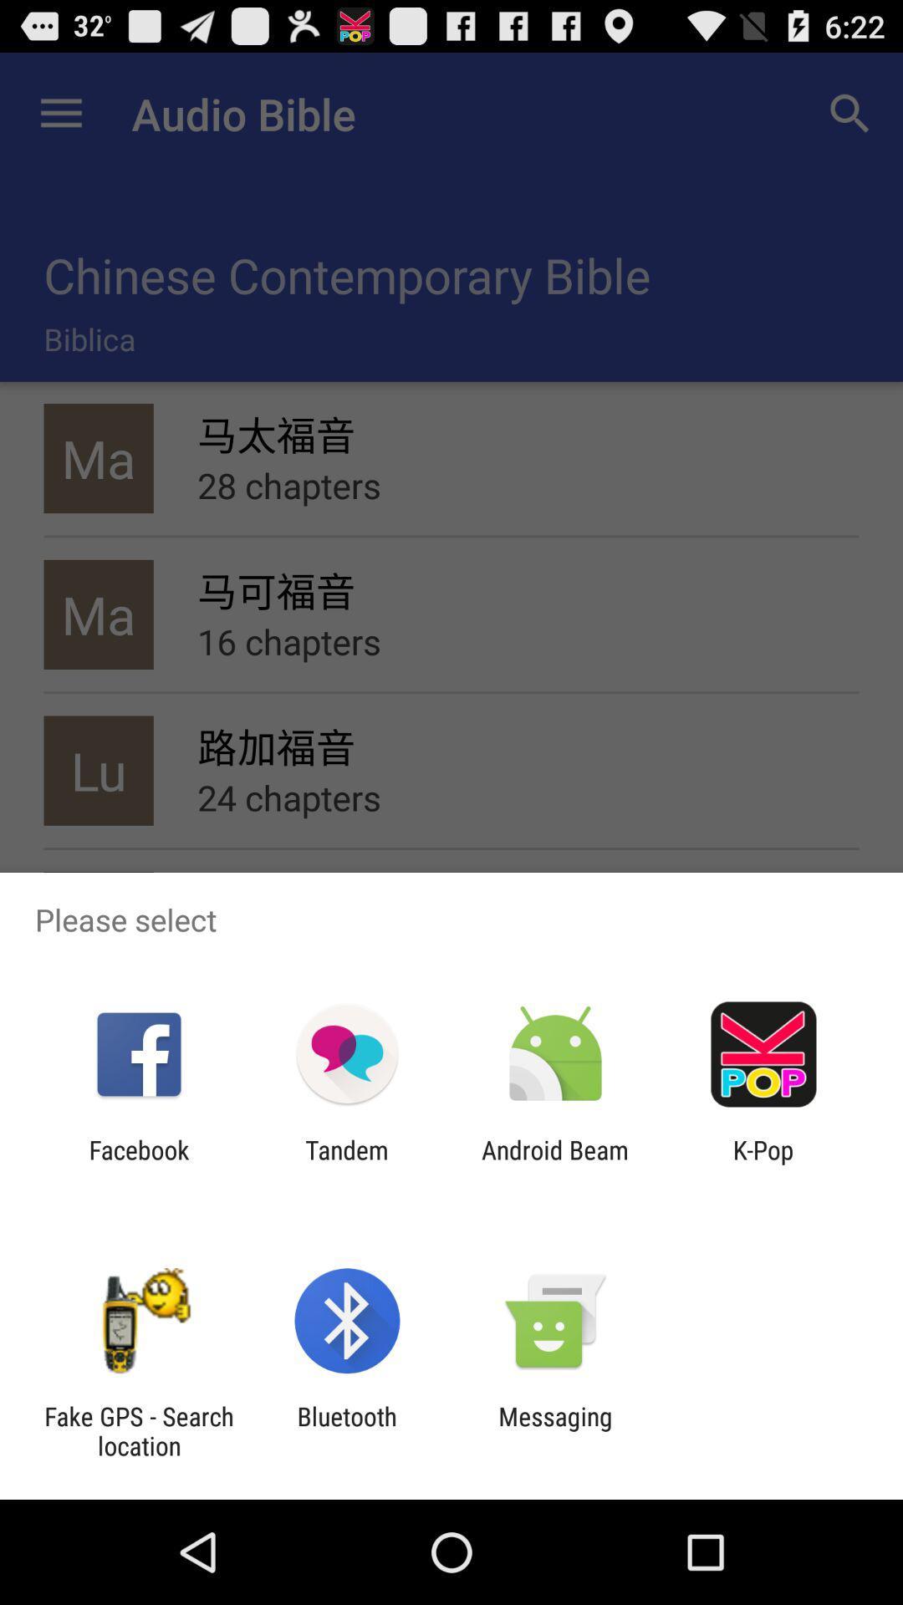 This screenshot has height=1605, width=903. Describe the element at coordinates (555, 1164) in the screenshot. I see `icon to the right of the tandem app` at that location.